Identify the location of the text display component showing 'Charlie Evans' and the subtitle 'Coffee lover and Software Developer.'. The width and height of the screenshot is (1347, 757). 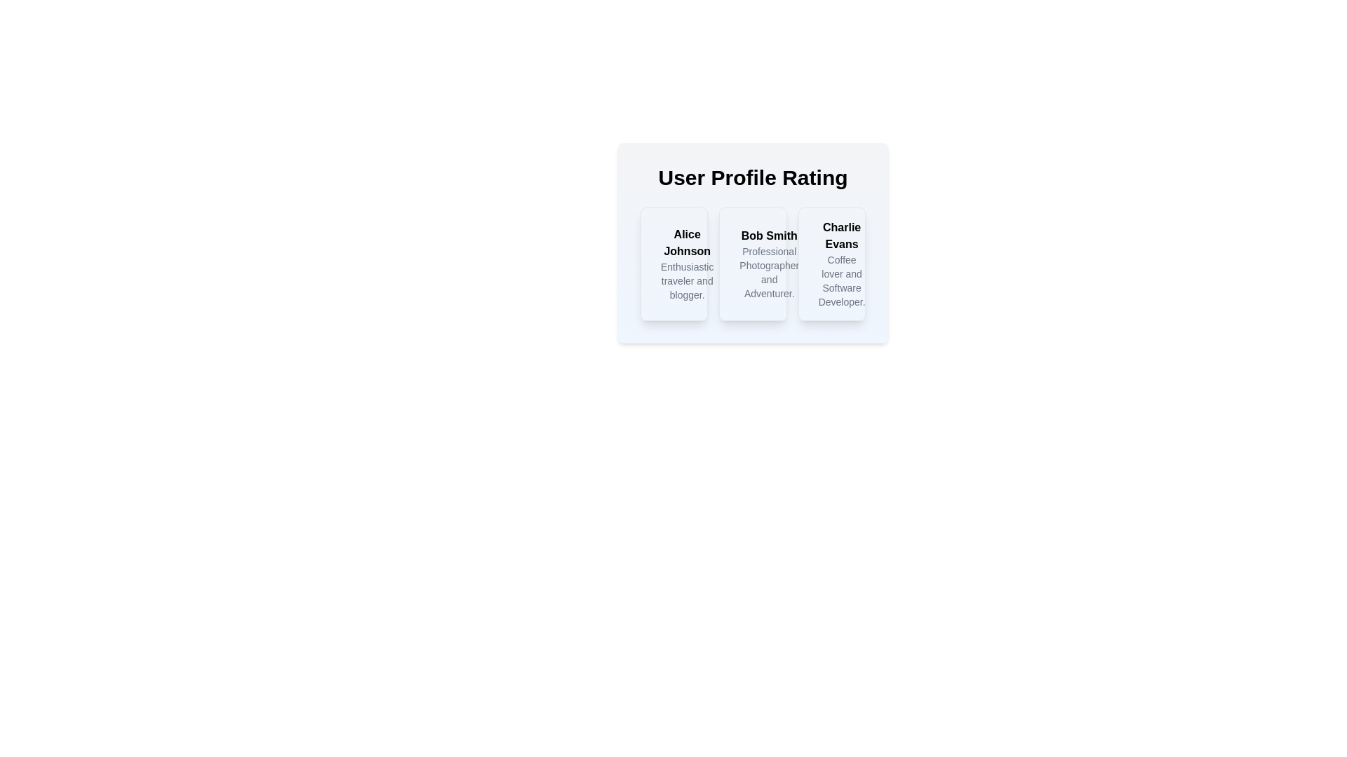
(842, 264).